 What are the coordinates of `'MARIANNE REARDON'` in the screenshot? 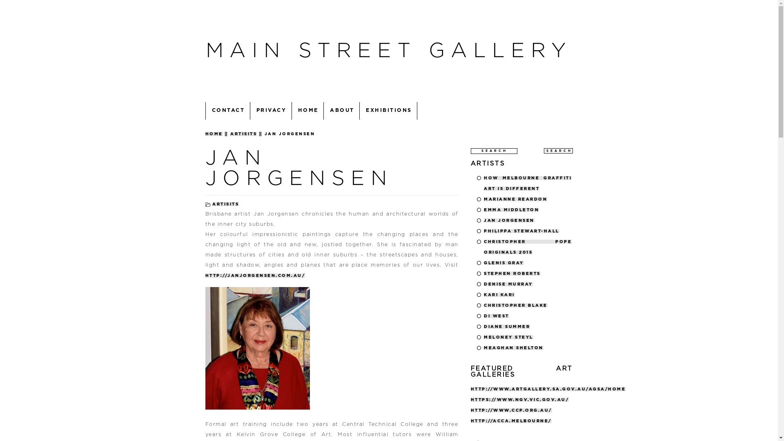 It's located at (515, 198).